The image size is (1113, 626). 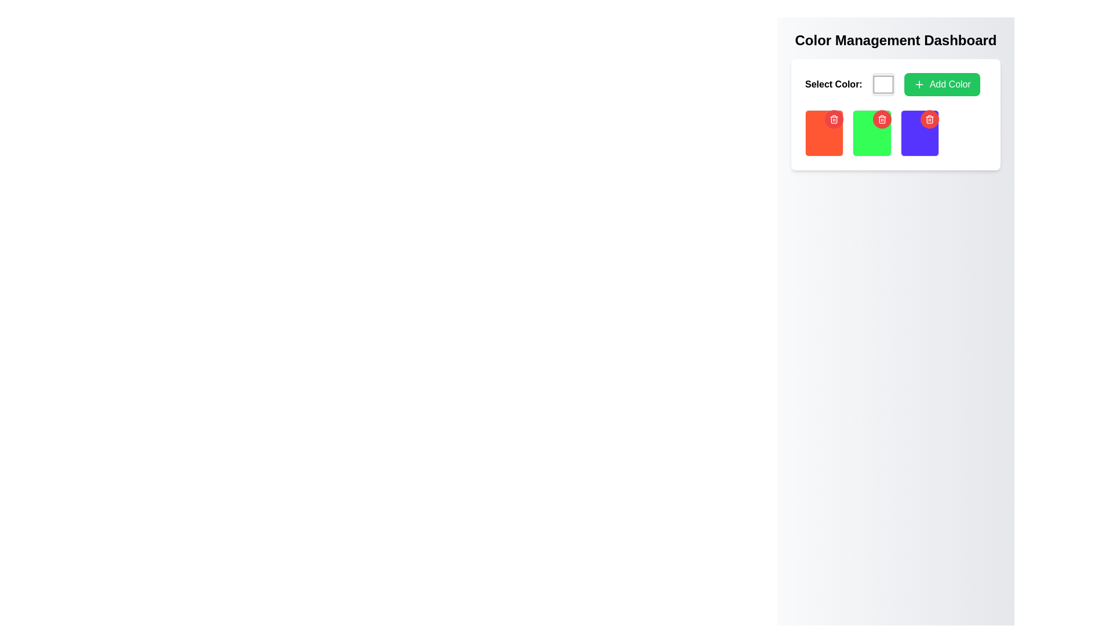 I want to click on the delete icon button, which is a small trash can icon outlined with a thin stroke on a red circular background, located in the top-right corner of the first color card, so click(x=834, y=119).